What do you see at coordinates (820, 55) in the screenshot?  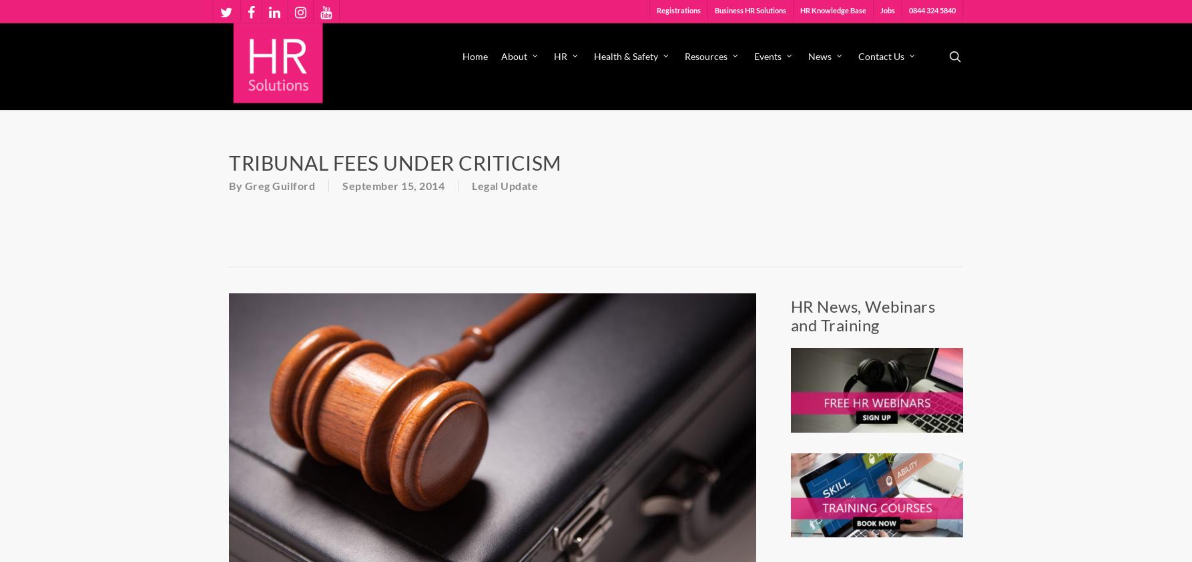 I see `'News'` at bounding box center [820, 55].